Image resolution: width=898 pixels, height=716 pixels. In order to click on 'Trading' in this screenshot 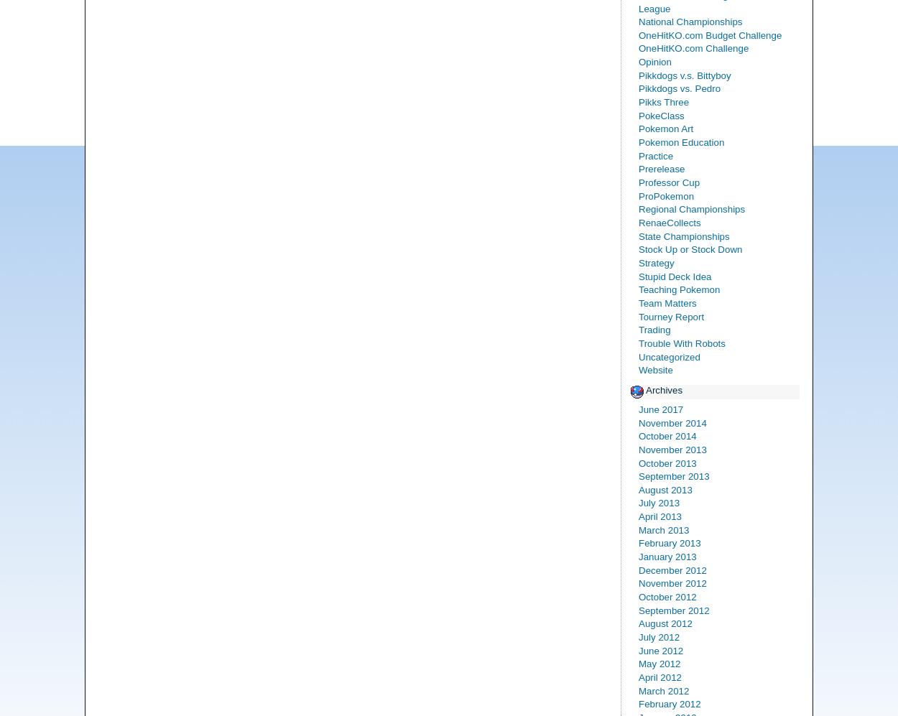, I will do `click(654, 330)`.